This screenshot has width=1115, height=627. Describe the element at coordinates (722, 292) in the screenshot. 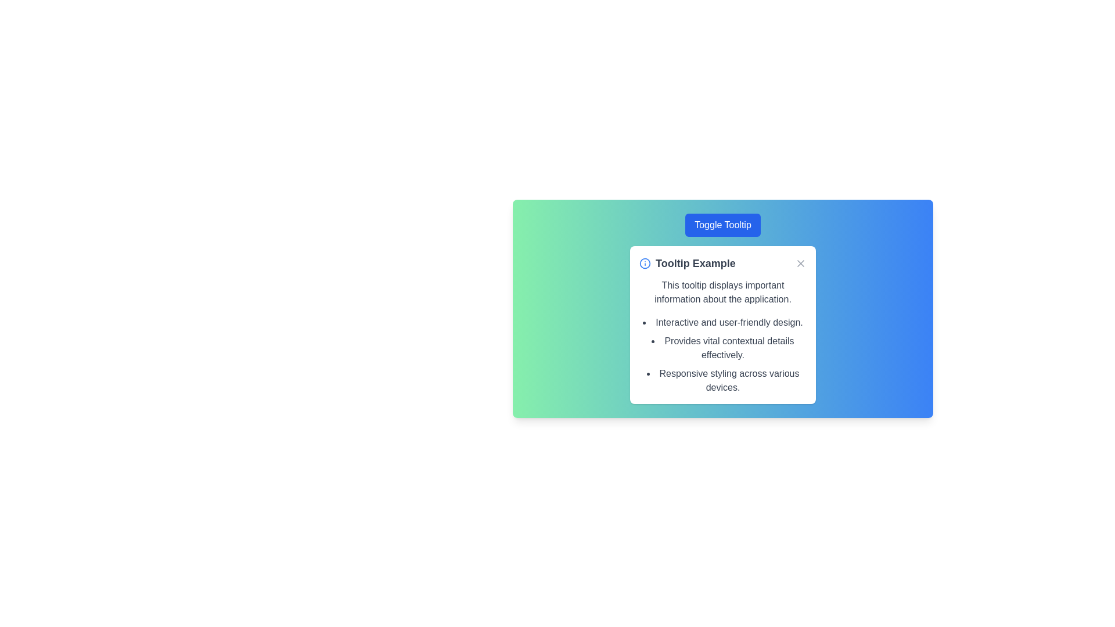

I see `the text block containing the sentence 'This tooltip displays important information about the application.' which is styled with a gray font and located below the title 'Tooltip Example.'` at that location.